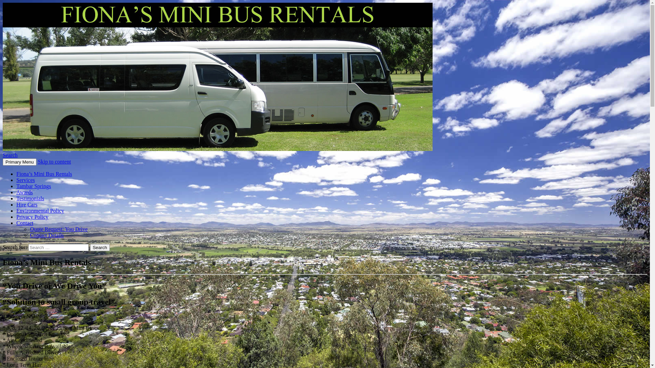 The height and width of the screenshot is (368, 655). I want to click on 'Privacy Policy', so click(32, 217).